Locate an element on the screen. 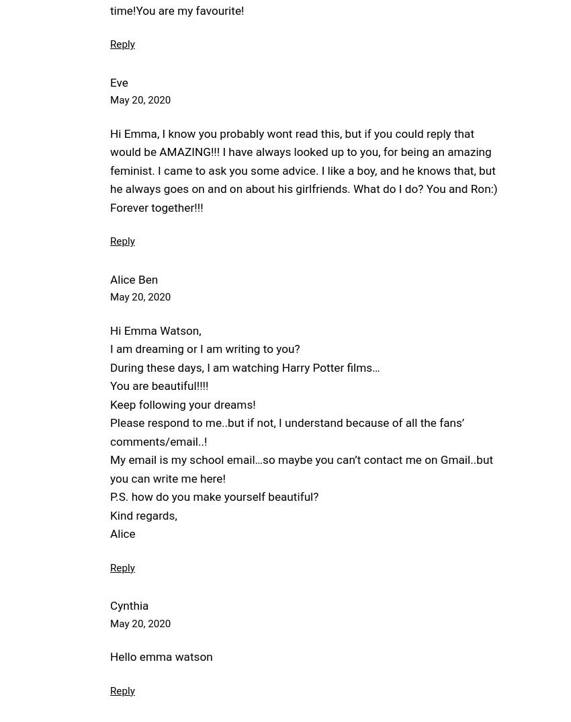  'I am dreaming or I am writing to you?' is located at coordinates (204, 348).